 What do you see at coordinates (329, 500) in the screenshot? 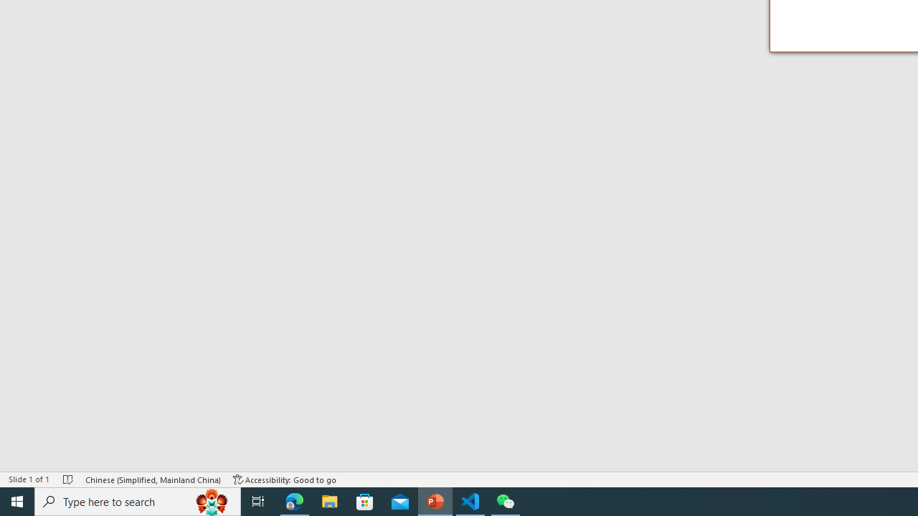
I see `'File Explorer'` at bounding box center [329, 500].